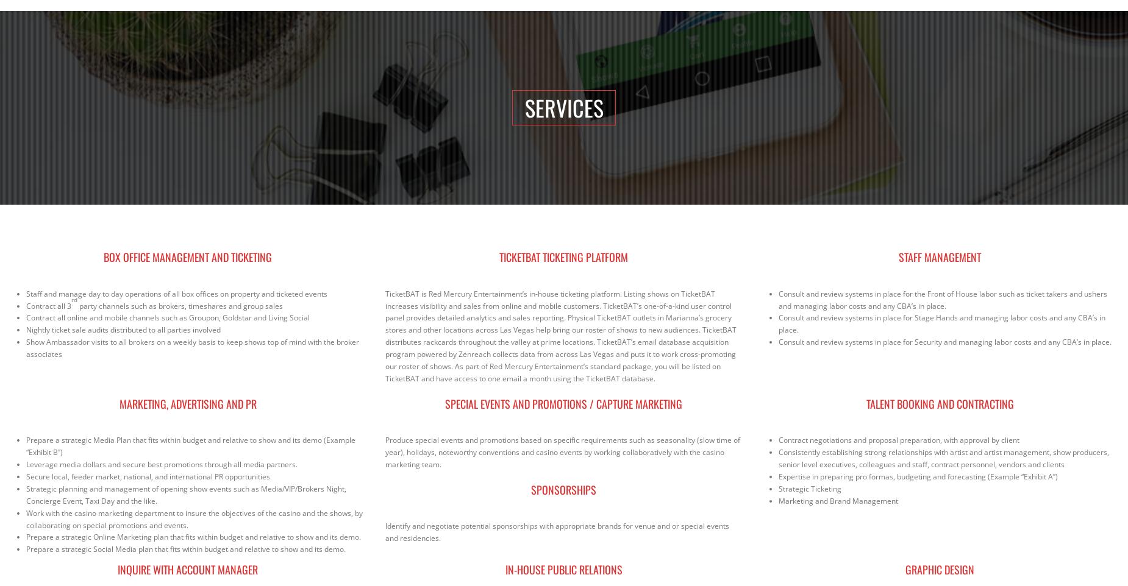 Image resolution: width=1128 pixels, height=586 pixels. I want to click on 'party channels such as brokers, timeshares and group sales', so click(179, 305).